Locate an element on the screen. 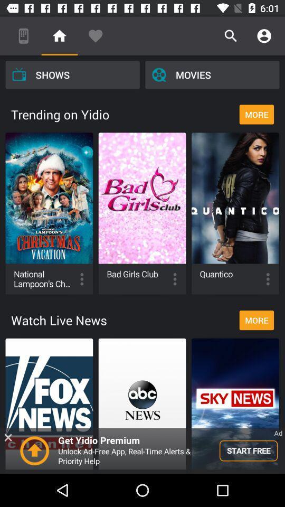 The image size is (285, 507). movies item is located at coordinates (212, 74).